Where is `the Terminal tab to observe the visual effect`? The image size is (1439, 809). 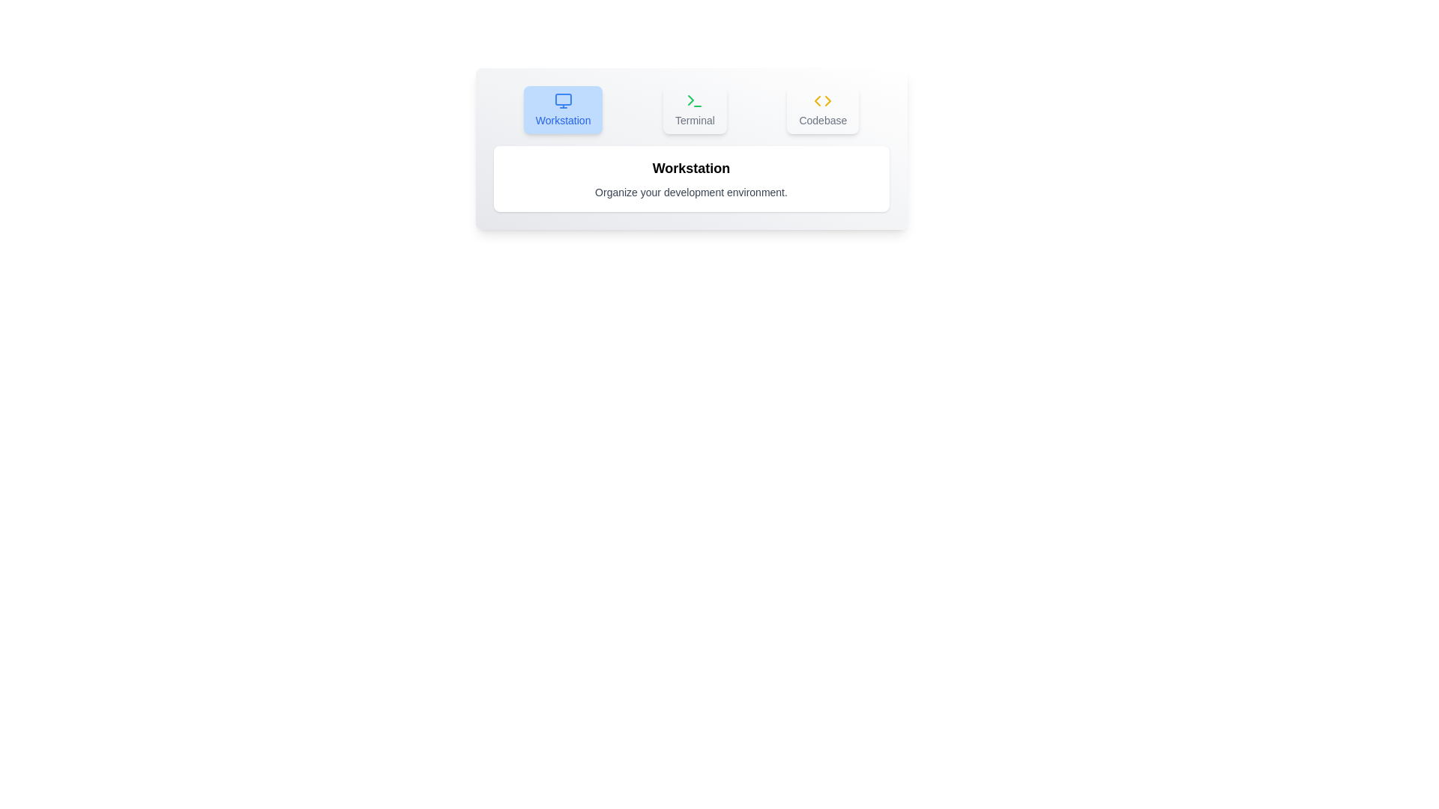
the Terminal tab to observe the visual effect is located at coordinates (694, 109).